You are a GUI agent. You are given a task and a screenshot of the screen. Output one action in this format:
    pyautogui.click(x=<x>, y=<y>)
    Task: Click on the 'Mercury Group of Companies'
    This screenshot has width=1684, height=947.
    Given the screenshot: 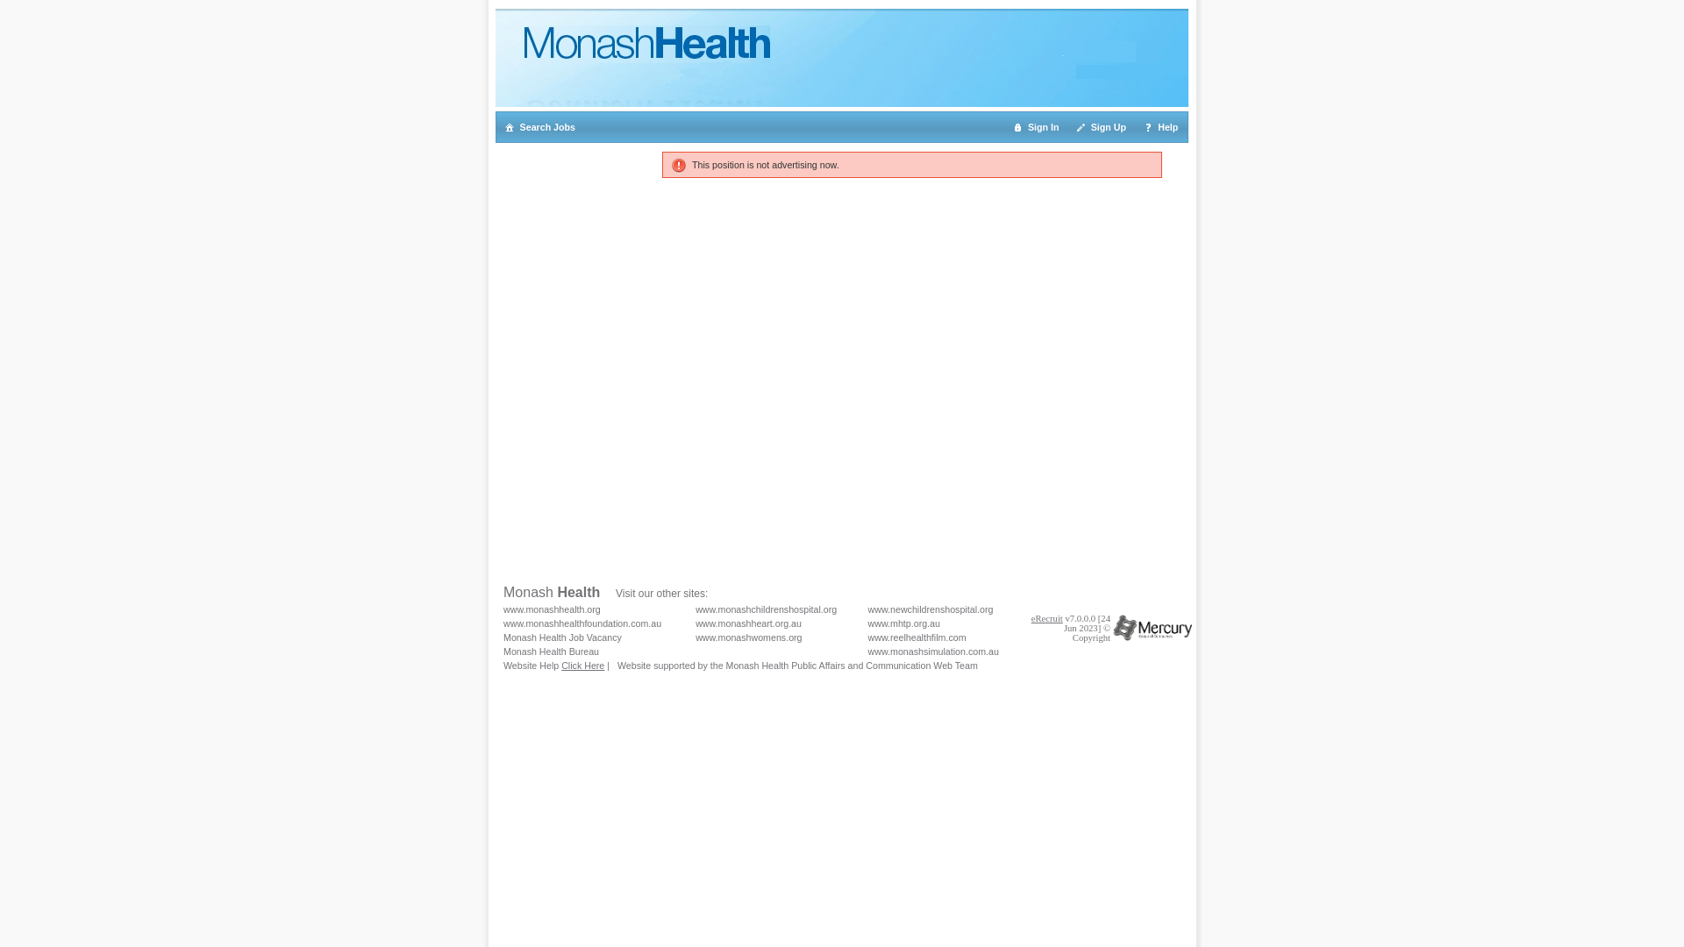 What is the action you would take?
    pyautogui.click(x=1152, y=627)
    